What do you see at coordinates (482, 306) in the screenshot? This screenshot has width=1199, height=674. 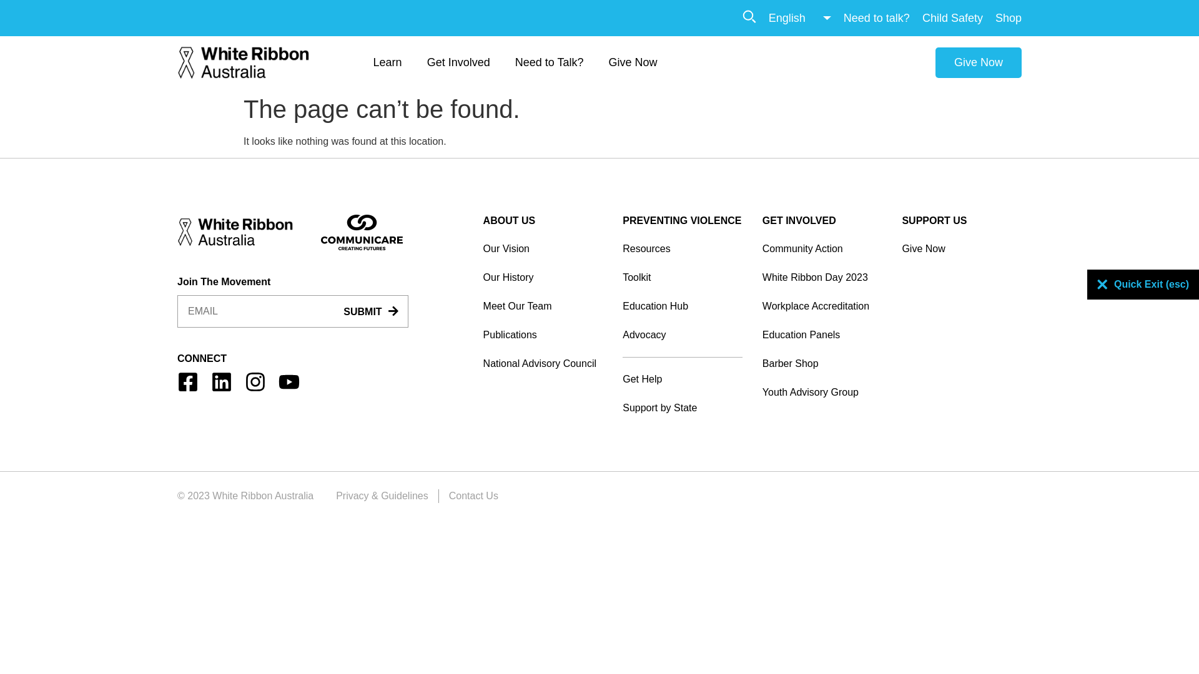 I see `'Meet Our Team'` at bounding box center [482, 306].